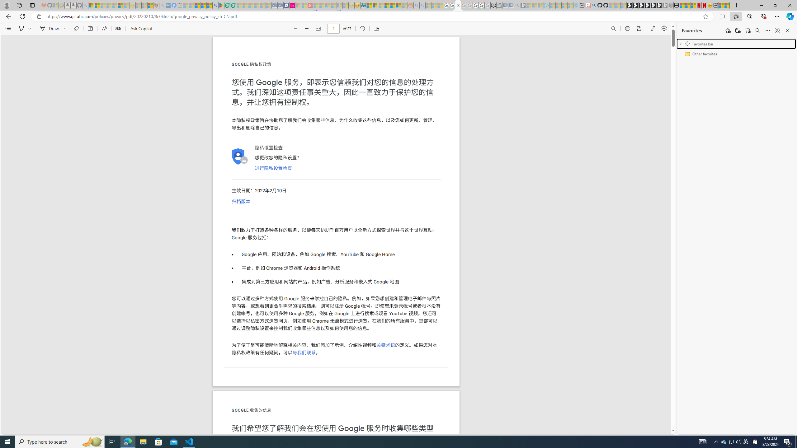 The width and height of the screenshot is (797, 448). I want to click on 'Zoom out (Ctrl+Minus key)', so click(296, 28).